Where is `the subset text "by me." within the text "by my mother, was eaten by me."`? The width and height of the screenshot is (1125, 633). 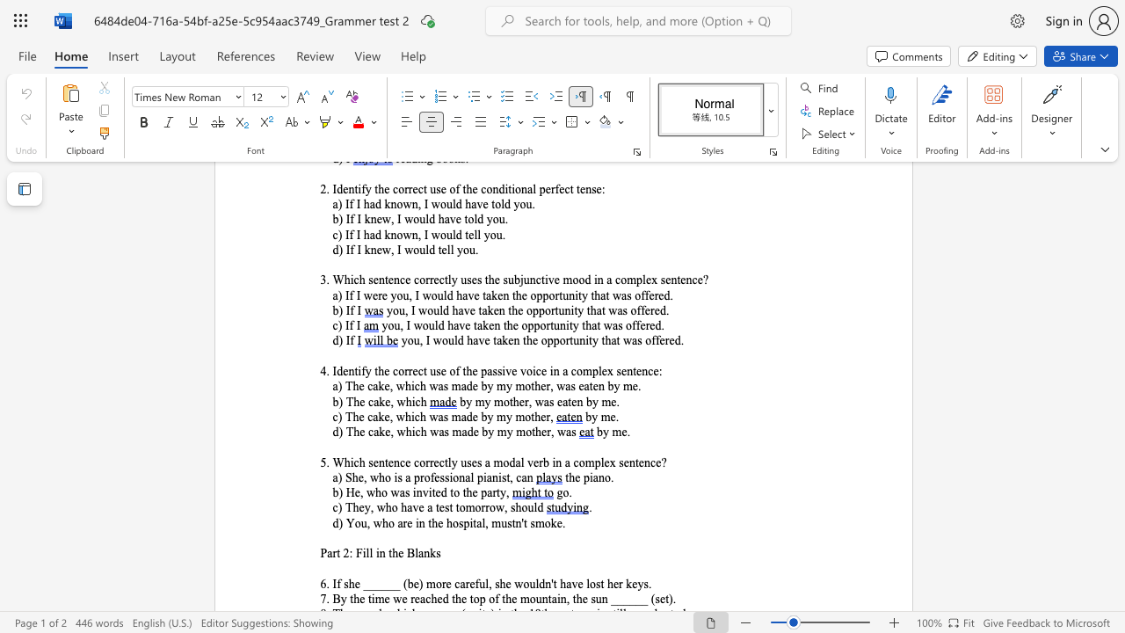 the subset text "by me." within the text "by my mother, was eaten by me." is located at coordinates (586, 402).